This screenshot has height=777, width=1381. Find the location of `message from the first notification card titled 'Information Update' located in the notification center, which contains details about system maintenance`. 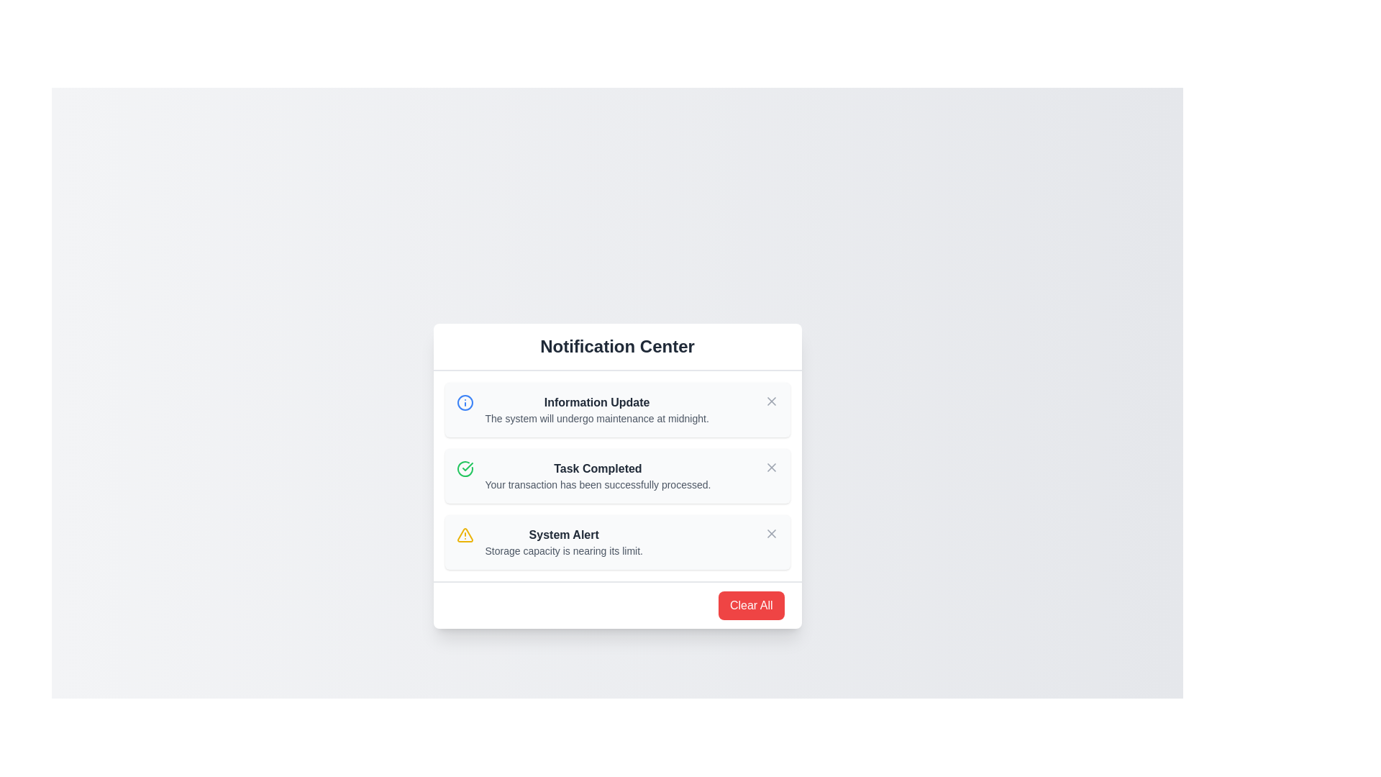

message from the first notification card titled 'Information Update' located in the notification center, which contains details about system maintenance is located at coordinates (617, 410).